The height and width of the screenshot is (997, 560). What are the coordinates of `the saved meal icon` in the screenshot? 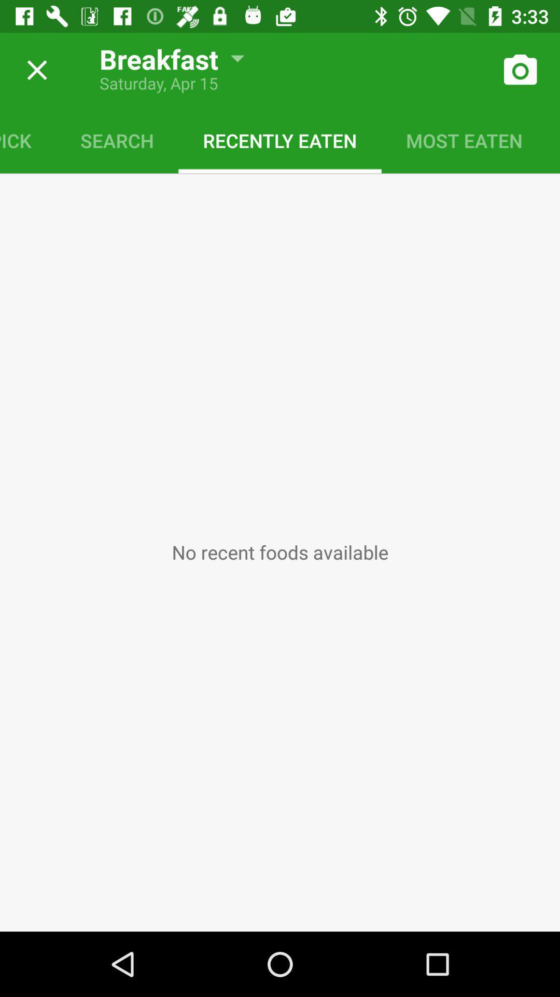 It's located at (553, 140).